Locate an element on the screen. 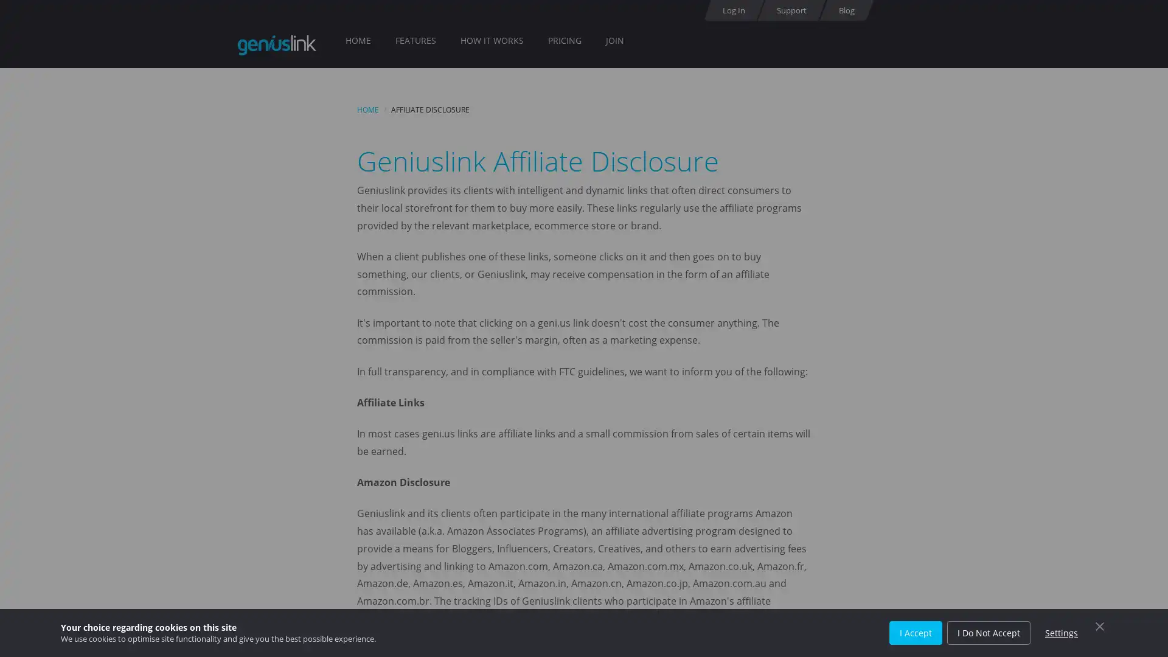  Close Cookie Control is located at coordinates (1100, 626).